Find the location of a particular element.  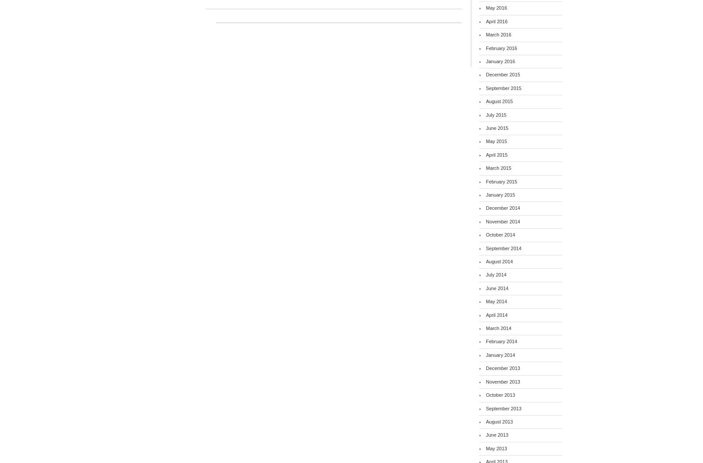

'June 2015' is located at coordinates (497, 127).